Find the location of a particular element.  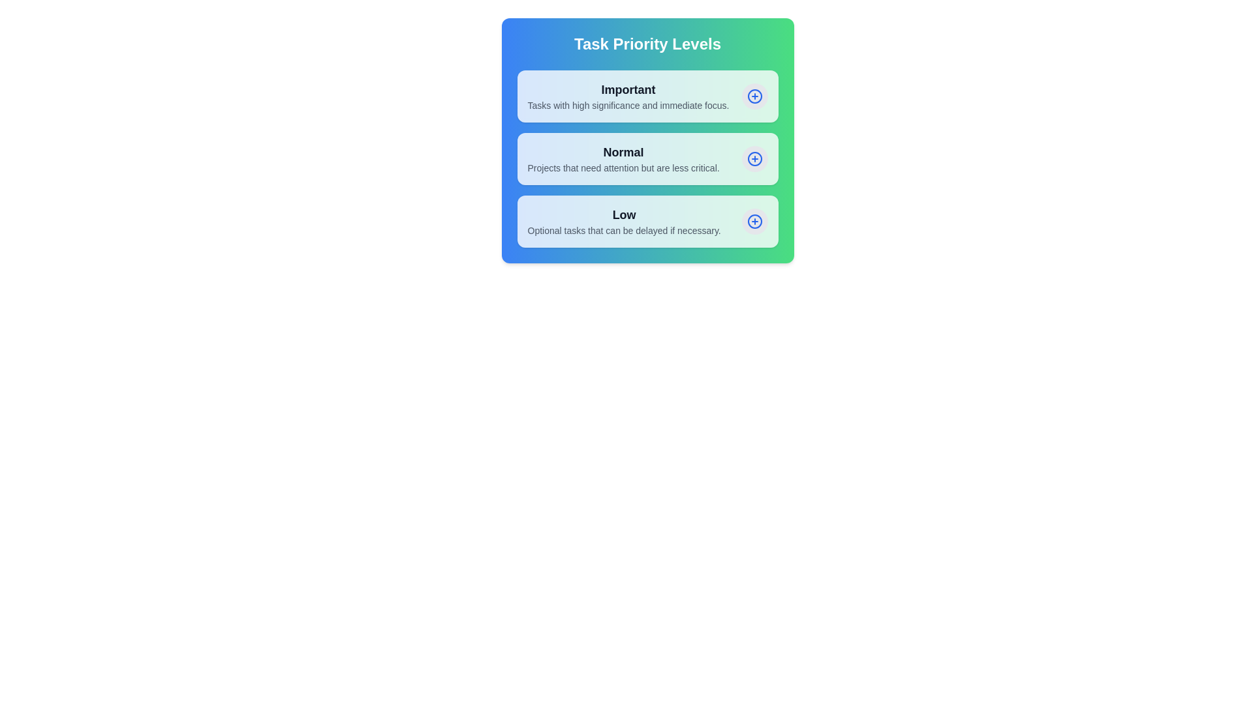

the 'Low' priority category text label is located at coordinates (623, 214).